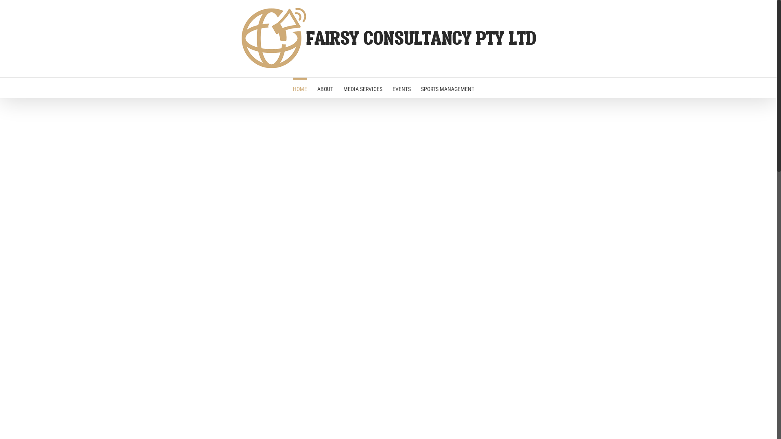 Image resolution: width=781 pixels, height=439 pixels. What do you see at coordinates (299, 88) in the screenshot?
I see `'HOME'` at bounding box center [299, 88].